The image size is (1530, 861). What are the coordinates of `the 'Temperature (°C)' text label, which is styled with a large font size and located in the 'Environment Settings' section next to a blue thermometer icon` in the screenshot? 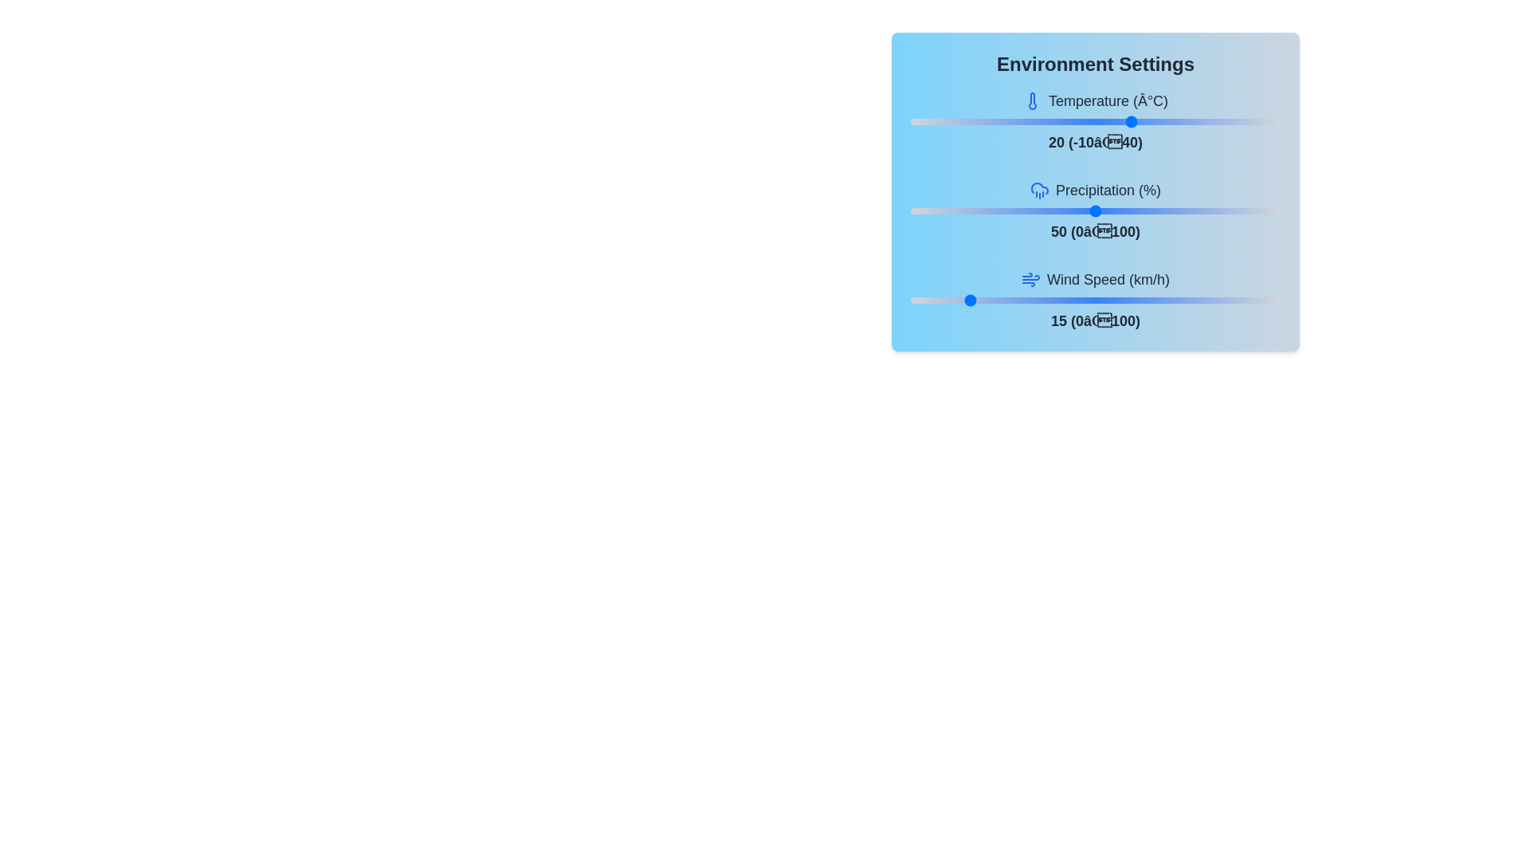 It's located at (1108, 101).